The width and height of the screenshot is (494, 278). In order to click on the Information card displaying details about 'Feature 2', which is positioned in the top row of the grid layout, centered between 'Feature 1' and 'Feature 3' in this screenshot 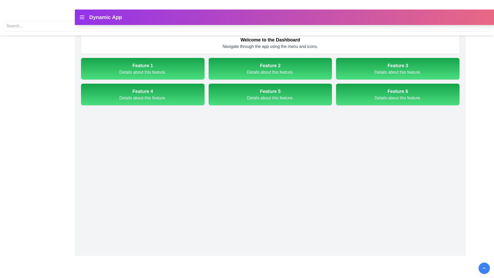, I will do `click(270, 68)`.